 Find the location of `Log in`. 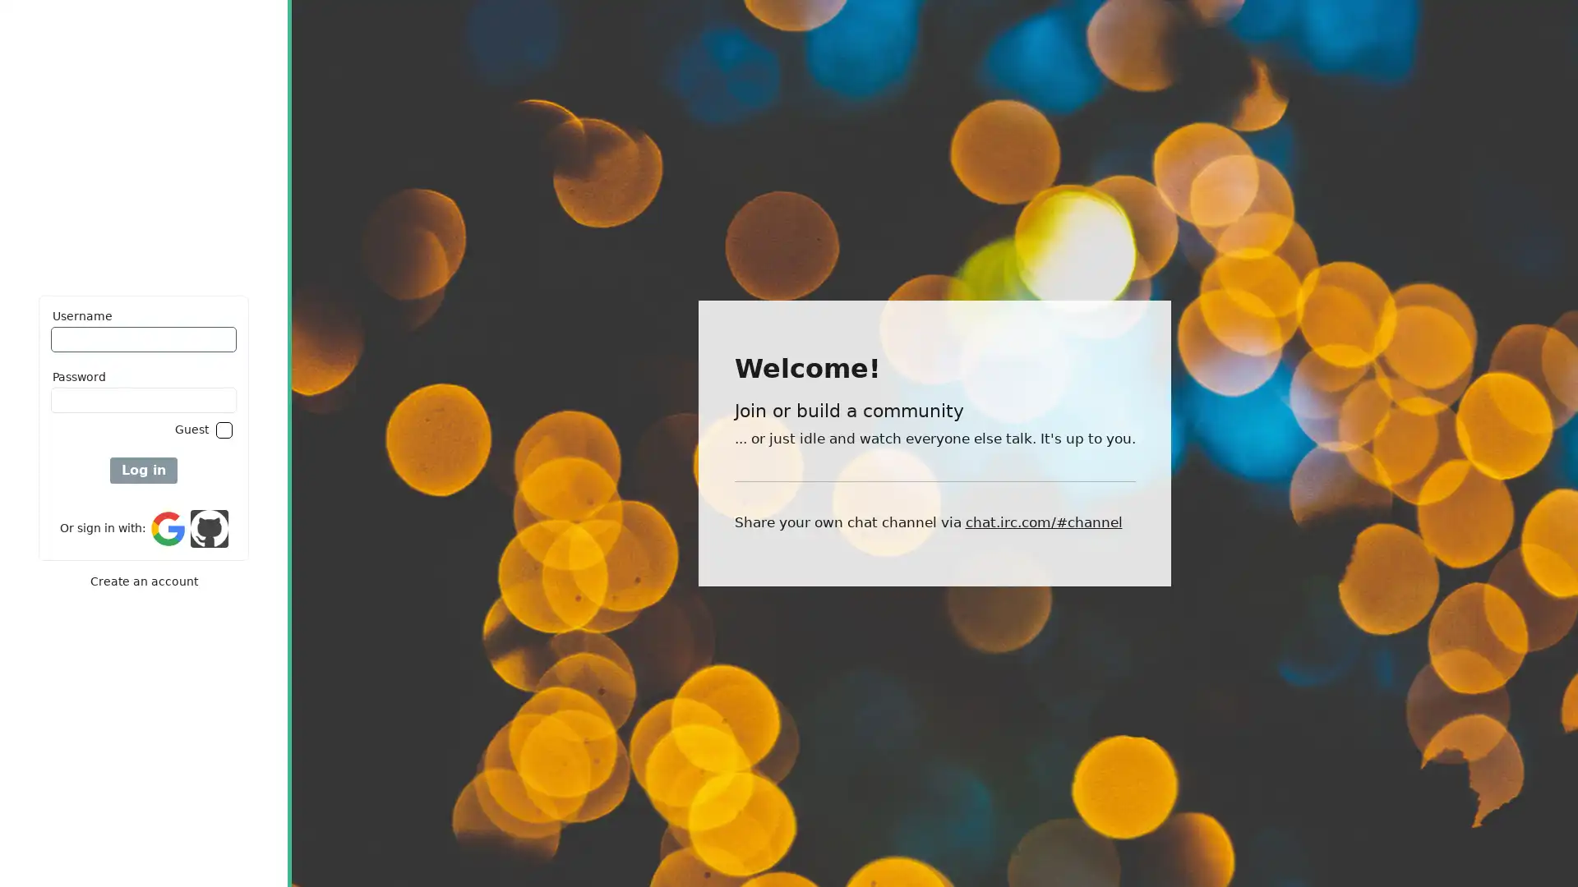

Log in is located at coordinates (143, 471).